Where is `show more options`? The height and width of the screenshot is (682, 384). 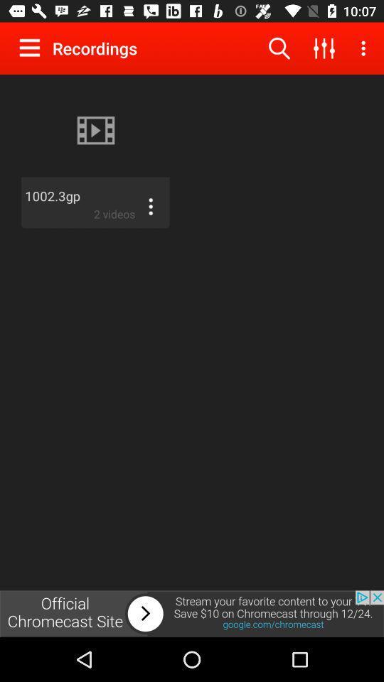 show more options is located at coordinates (149, 205).